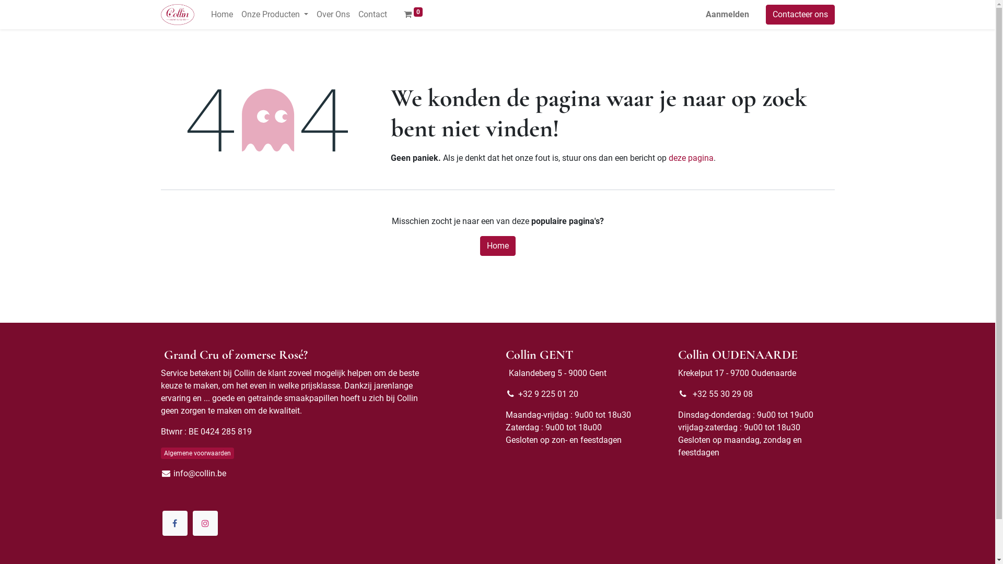 Image resolution: width=1003 pixels, height=564 pixels. What do you see at coordinates (372, 14) in the screenshot?
I see `'Contact'` at bounding box center [372, 14].